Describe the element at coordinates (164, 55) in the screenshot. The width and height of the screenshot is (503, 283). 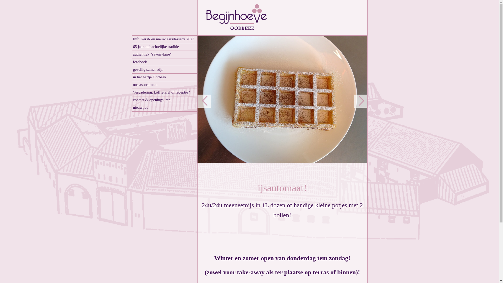
I see `'authentiek "savoir-faire"'` at that location.